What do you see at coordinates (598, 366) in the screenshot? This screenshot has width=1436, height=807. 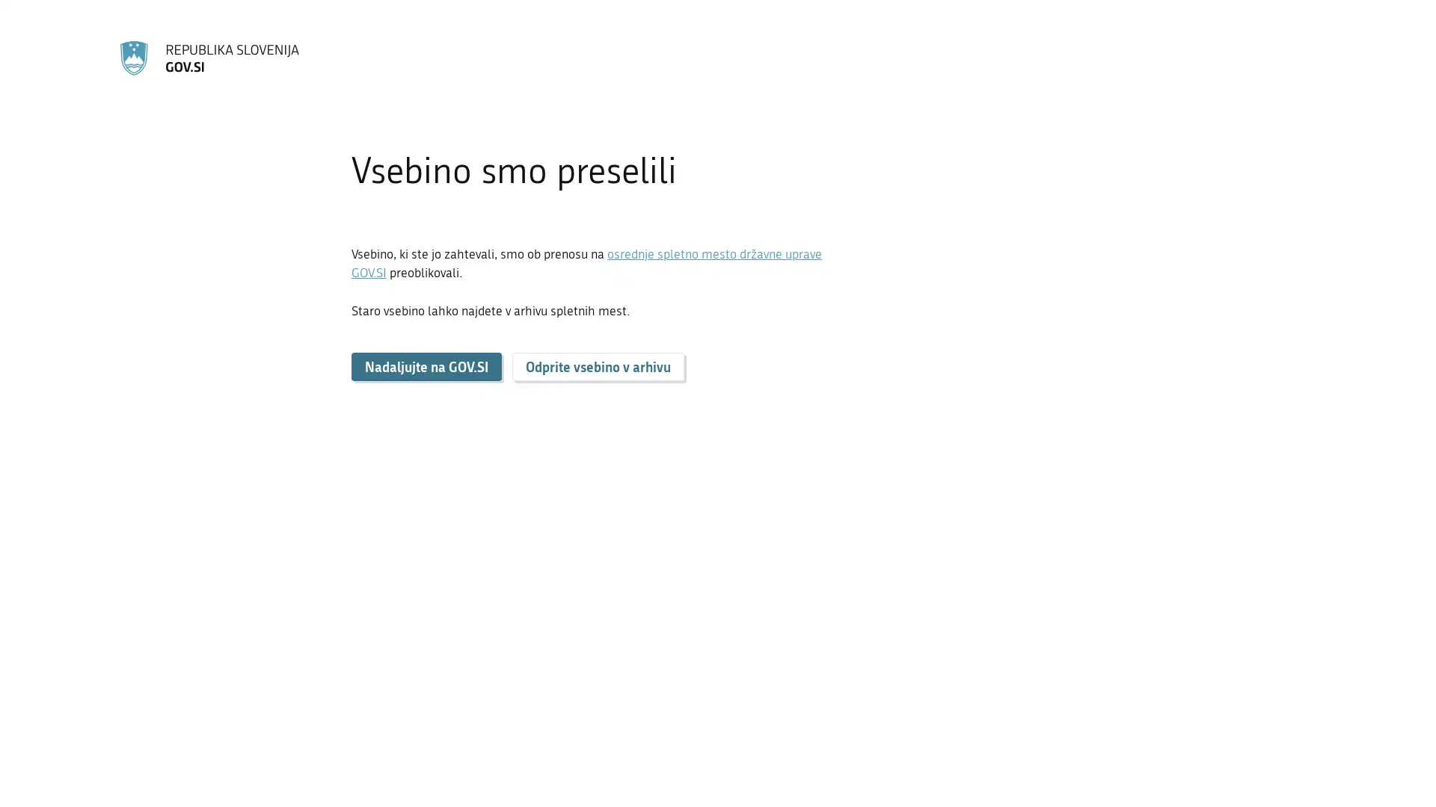 I see `Odprite vsebino v arhivu` at bounding box center [598, 366].